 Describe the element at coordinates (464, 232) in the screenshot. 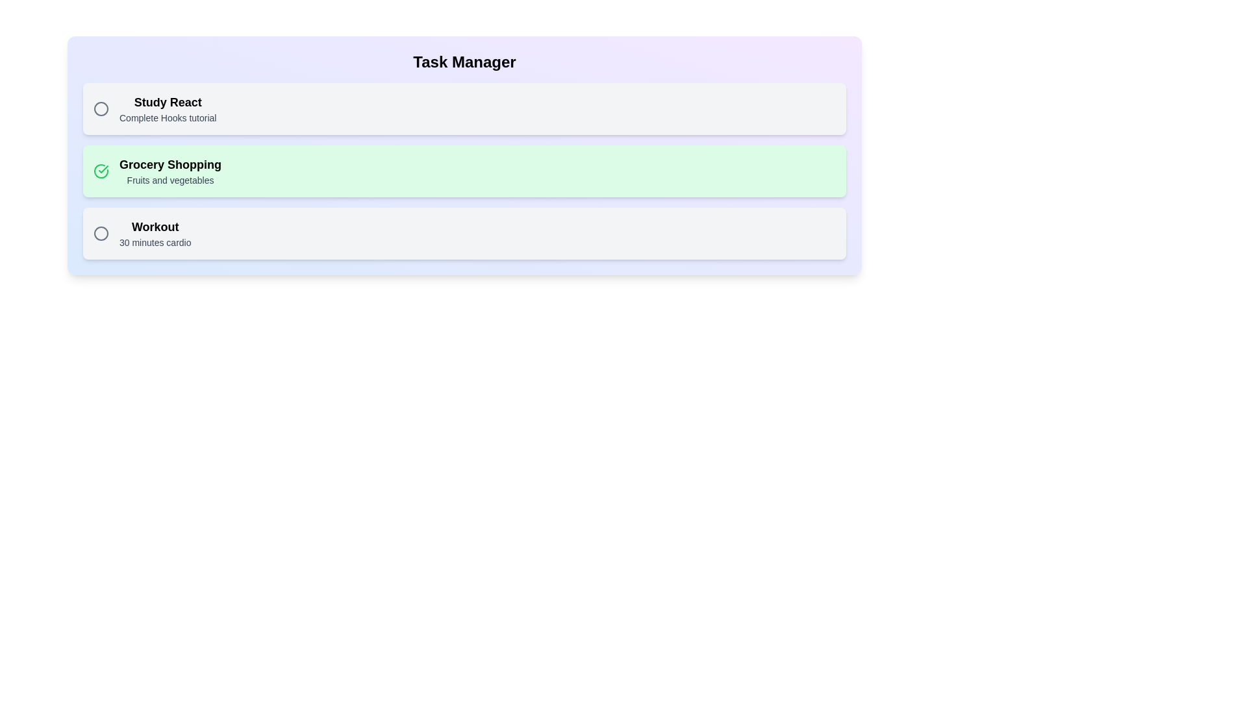

I see `the third task card` at that location.